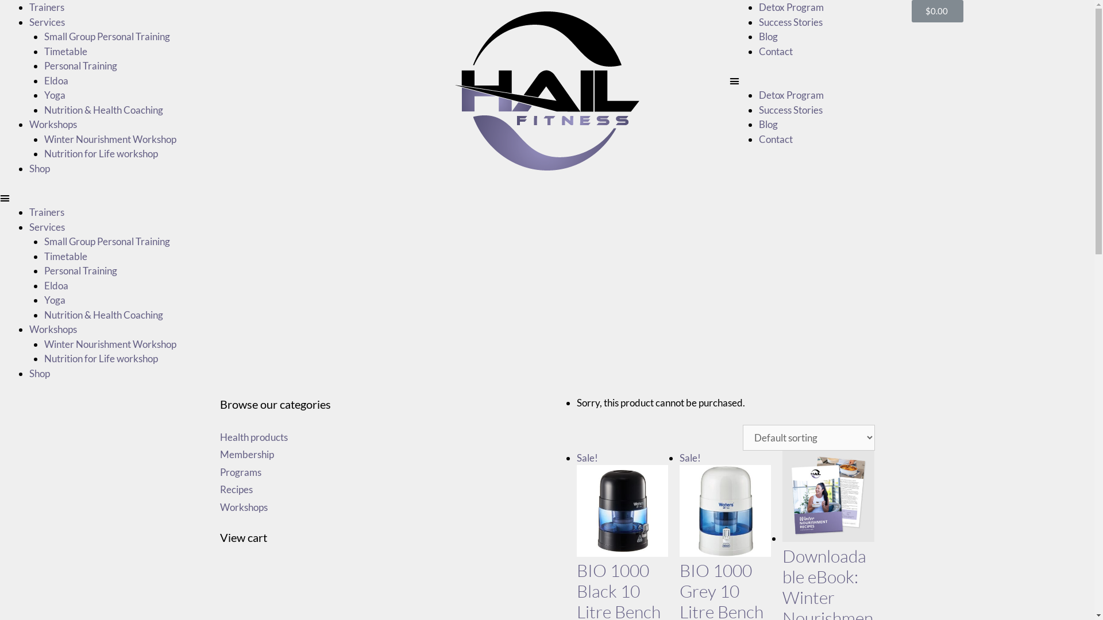  What do you see at coordinates (44, 270) in the screenshot?
I see `'Personal Training'` at bounding box center [44, 270].